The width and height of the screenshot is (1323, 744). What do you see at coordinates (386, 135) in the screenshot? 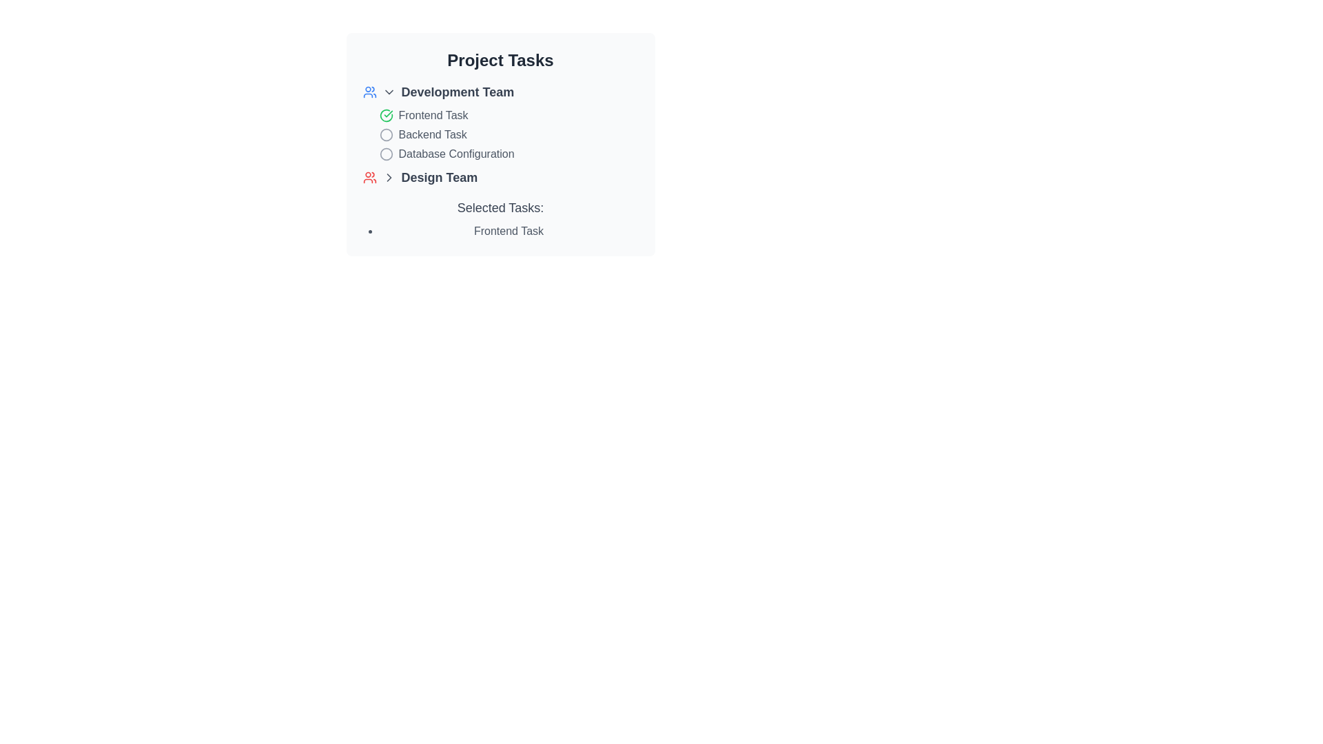
I see `the circular SVG icon with a gray outline located before the text label 'Backend Task' in the 'Development Team' section` at bounding box center [386, 135].